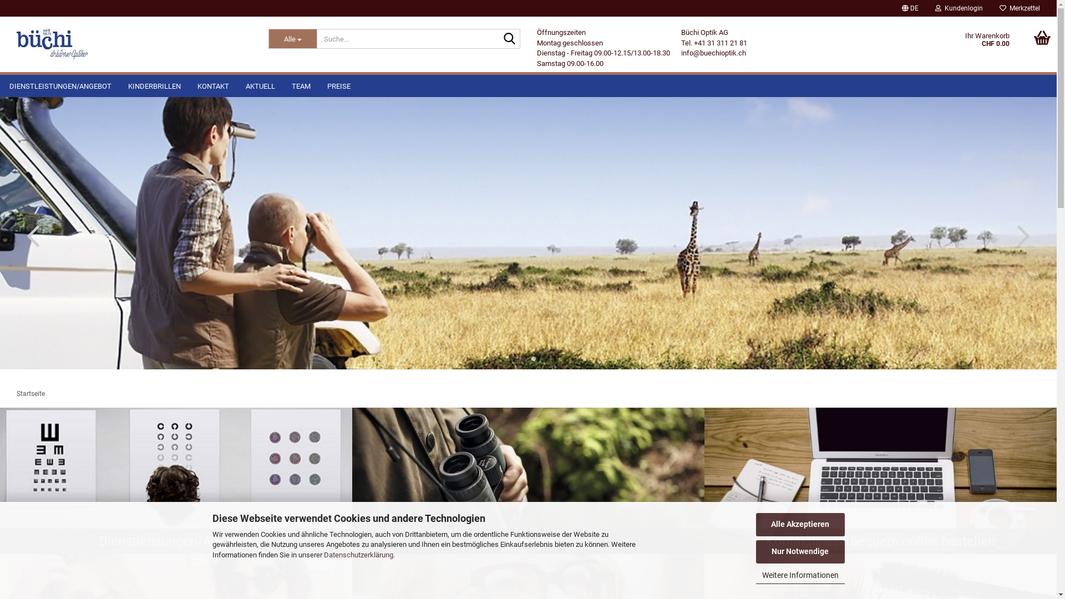 This screenshot has height=599, width=1065. What do you see at coordinates (713, 53) in the screenshot?
I see `'info@buechioptik.ch'` at bounding box center [713, 53].